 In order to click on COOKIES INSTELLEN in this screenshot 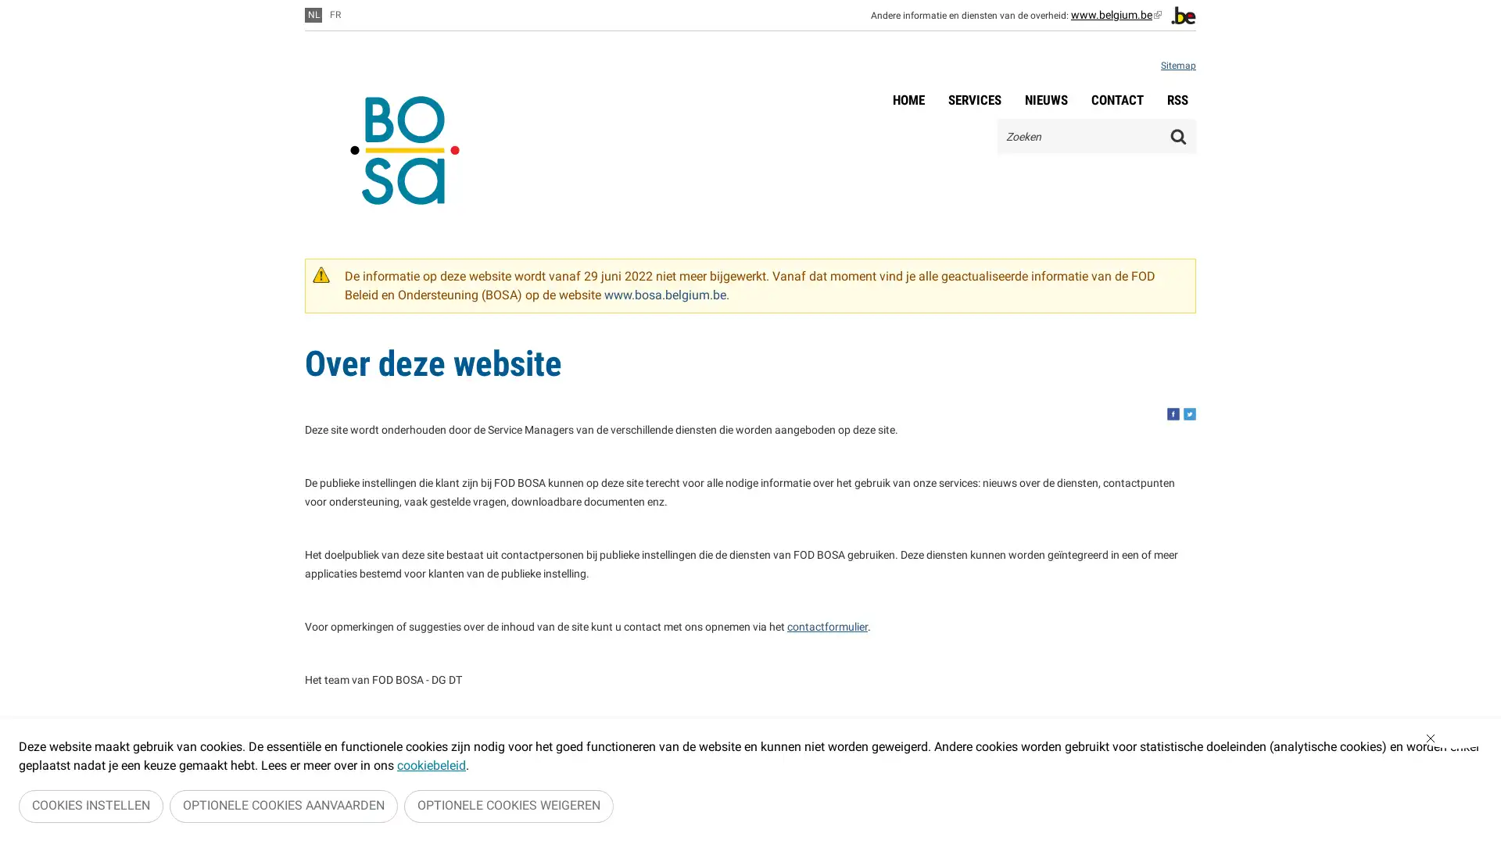, I will do `click(90, 808)`.